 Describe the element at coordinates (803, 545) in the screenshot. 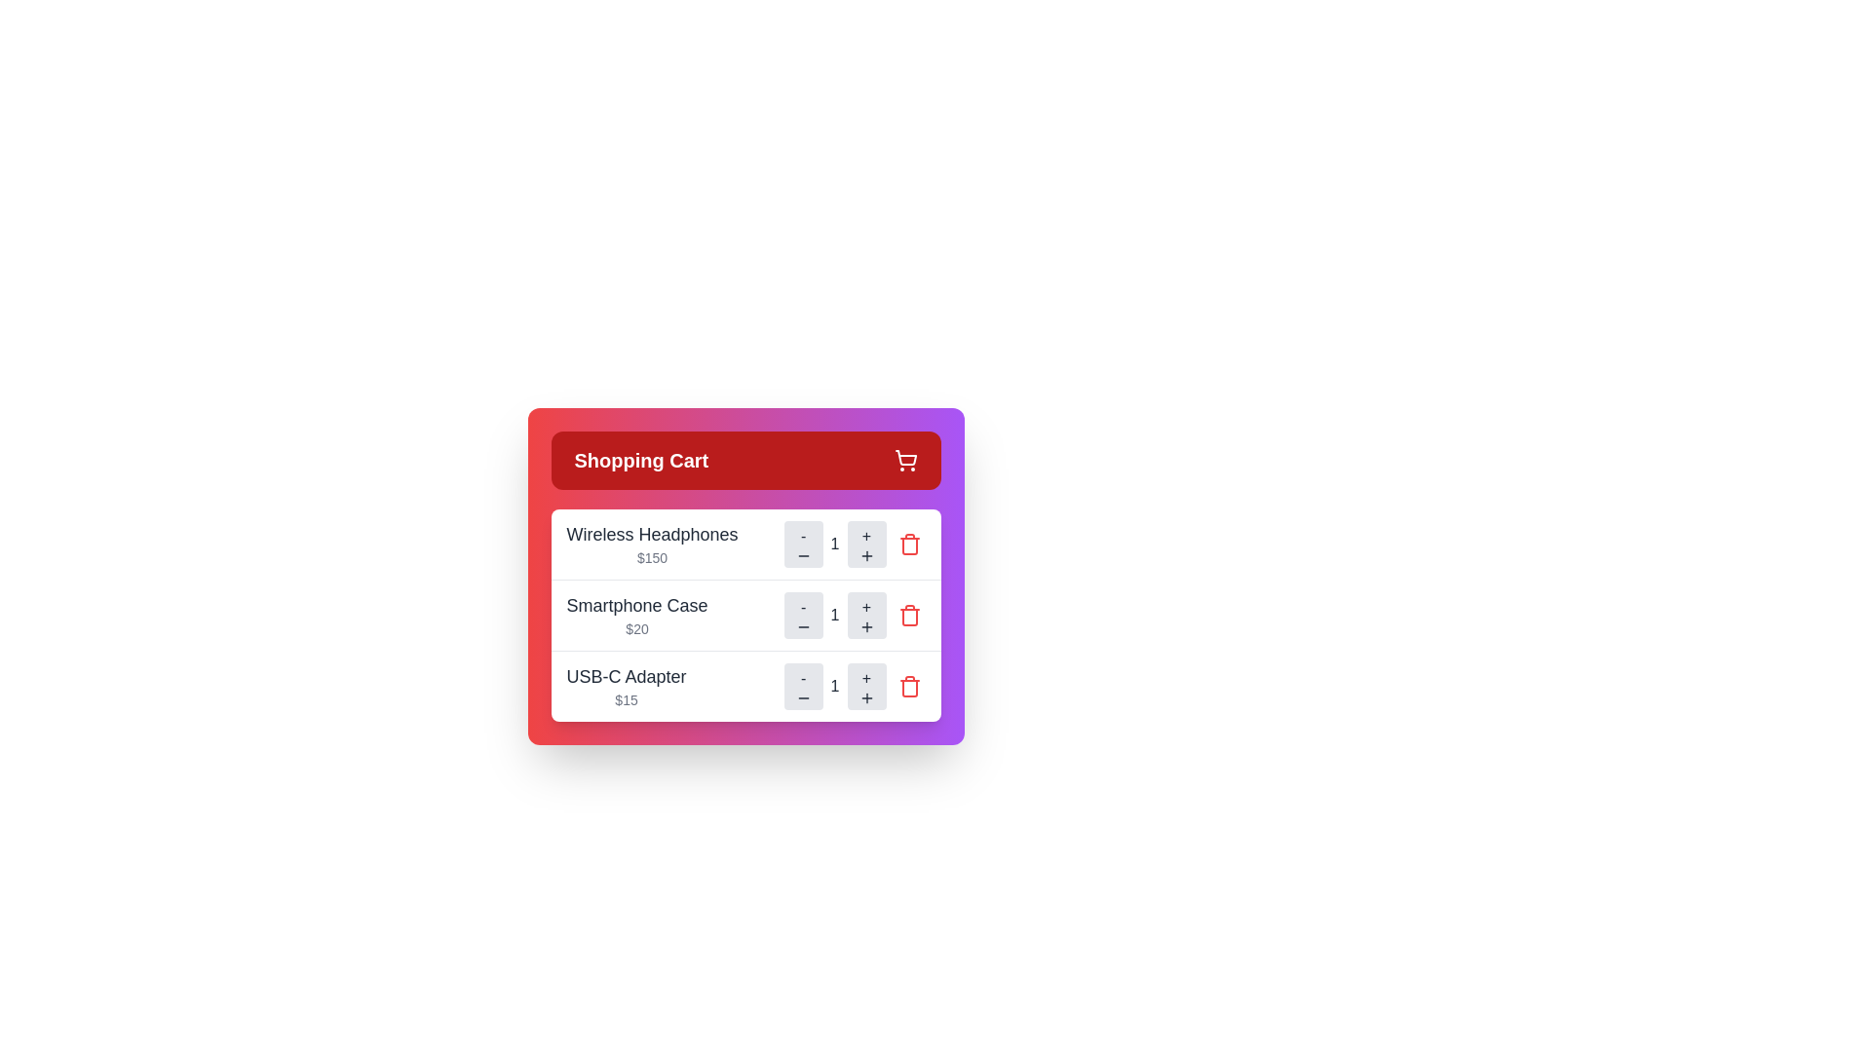

I see `'-' button next to the item with the name Wireless Headphones to decrease its quantity` at that location.